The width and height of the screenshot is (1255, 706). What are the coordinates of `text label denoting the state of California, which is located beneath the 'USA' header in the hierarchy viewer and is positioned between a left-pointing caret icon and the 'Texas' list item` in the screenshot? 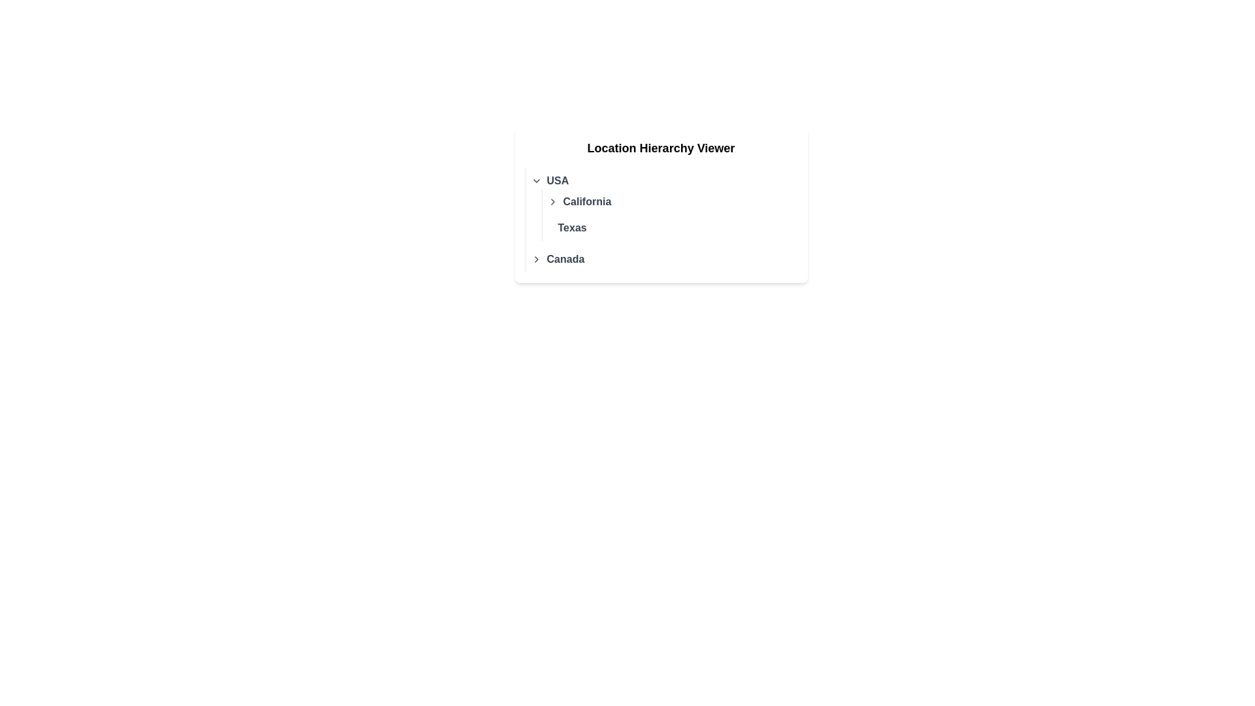 It's located at (586, 201).